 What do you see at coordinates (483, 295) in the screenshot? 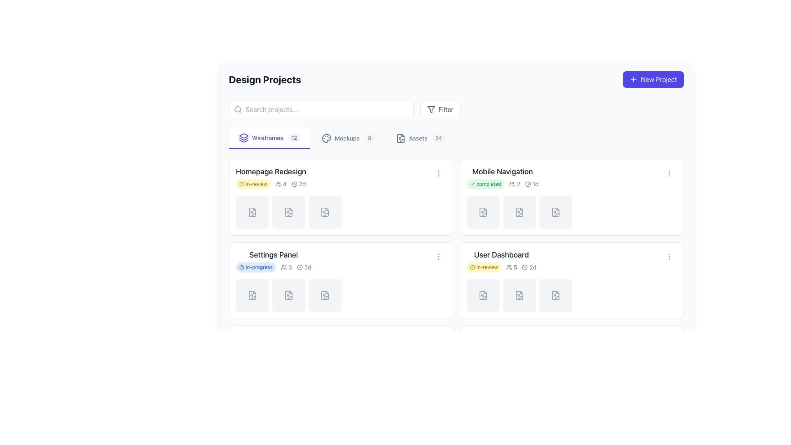
I see `the file icon with an image symbol located in the 'User Dashboard' card` at bounding box center [483, 295].